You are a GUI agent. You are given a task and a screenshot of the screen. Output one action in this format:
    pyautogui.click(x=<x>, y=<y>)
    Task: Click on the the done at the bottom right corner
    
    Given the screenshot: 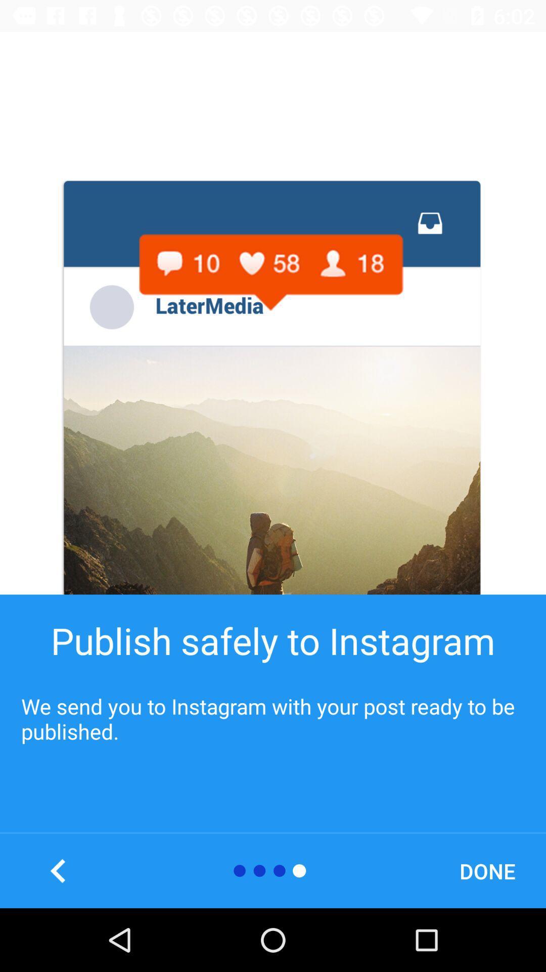 What is the action you would take?
    pyautogui.click(x=487, y=870)
    